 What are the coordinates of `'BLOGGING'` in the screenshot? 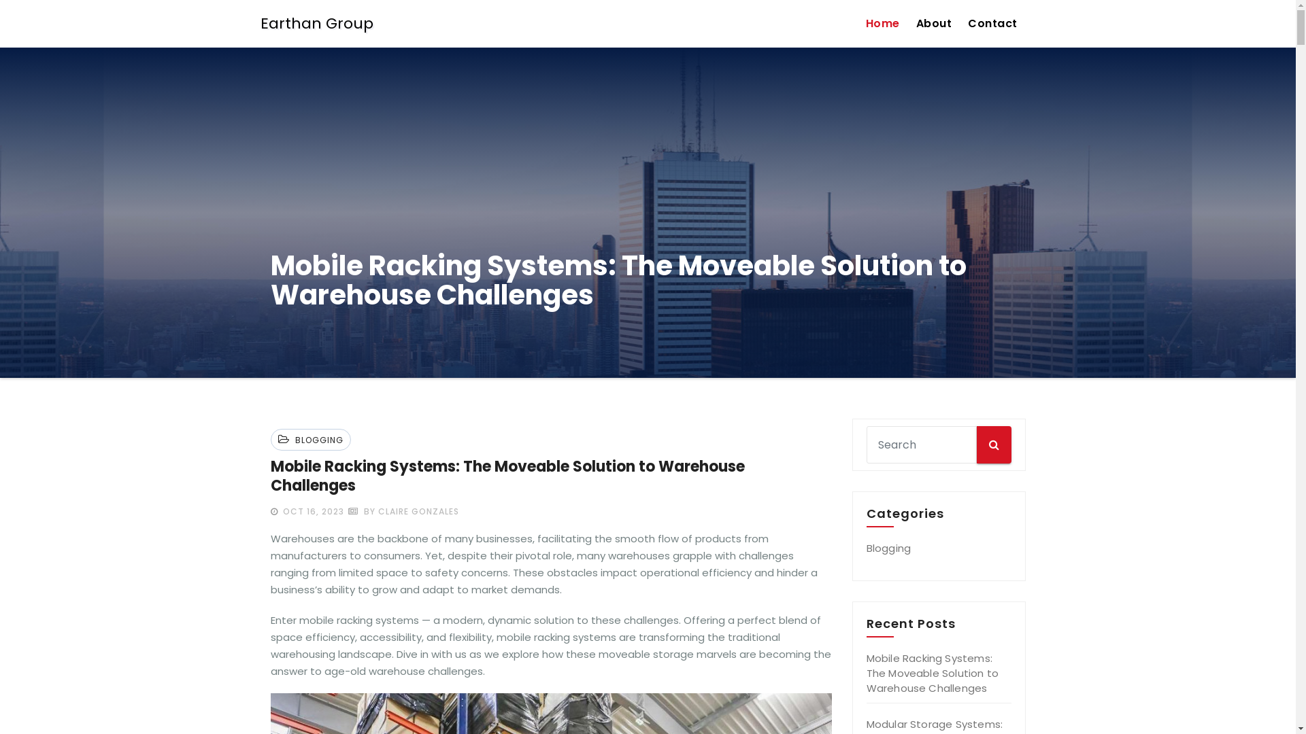 It's located at (316, 440).